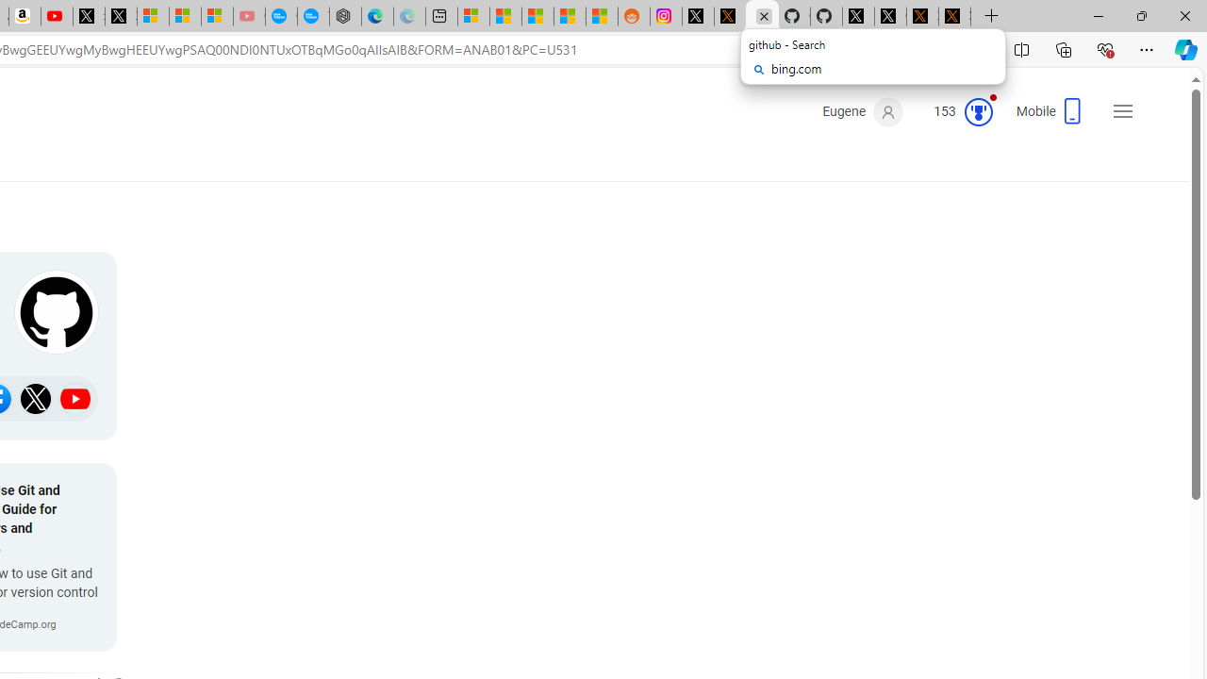  Describe the element at coordinates (57, 16) in the screenshot. I see `'Day 1: Arriving in Yemen (surreal to be here) - YouTube'` at that location.